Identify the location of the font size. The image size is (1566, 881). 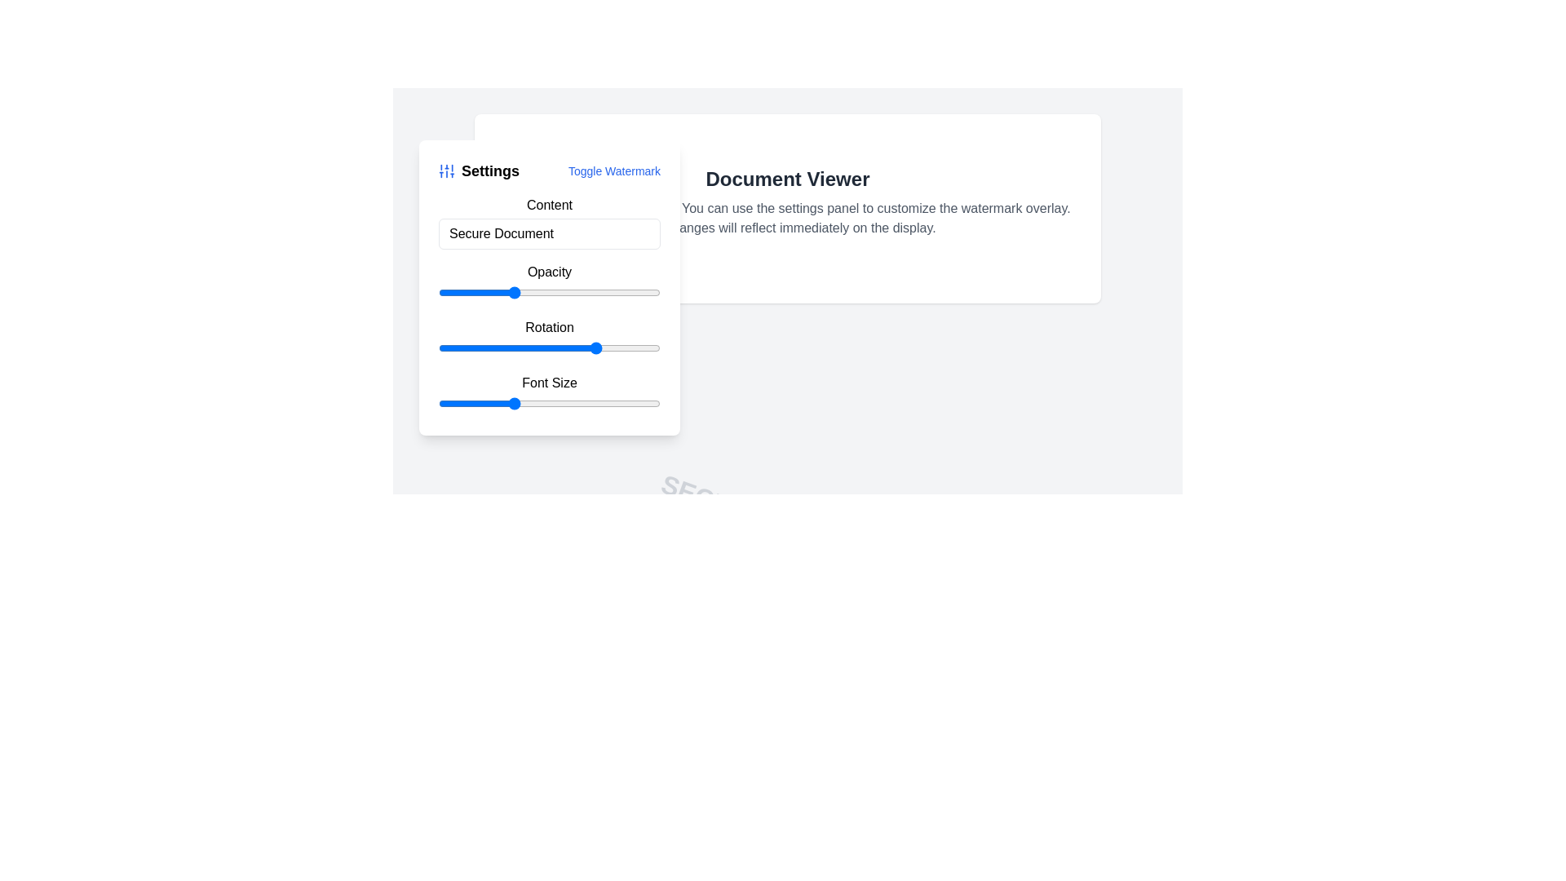
(595, 403).